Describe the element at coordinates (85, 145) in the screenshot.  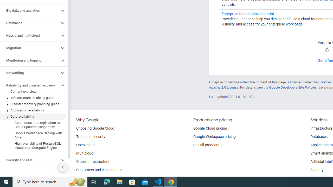
I see `'Open cloud'` at that location.